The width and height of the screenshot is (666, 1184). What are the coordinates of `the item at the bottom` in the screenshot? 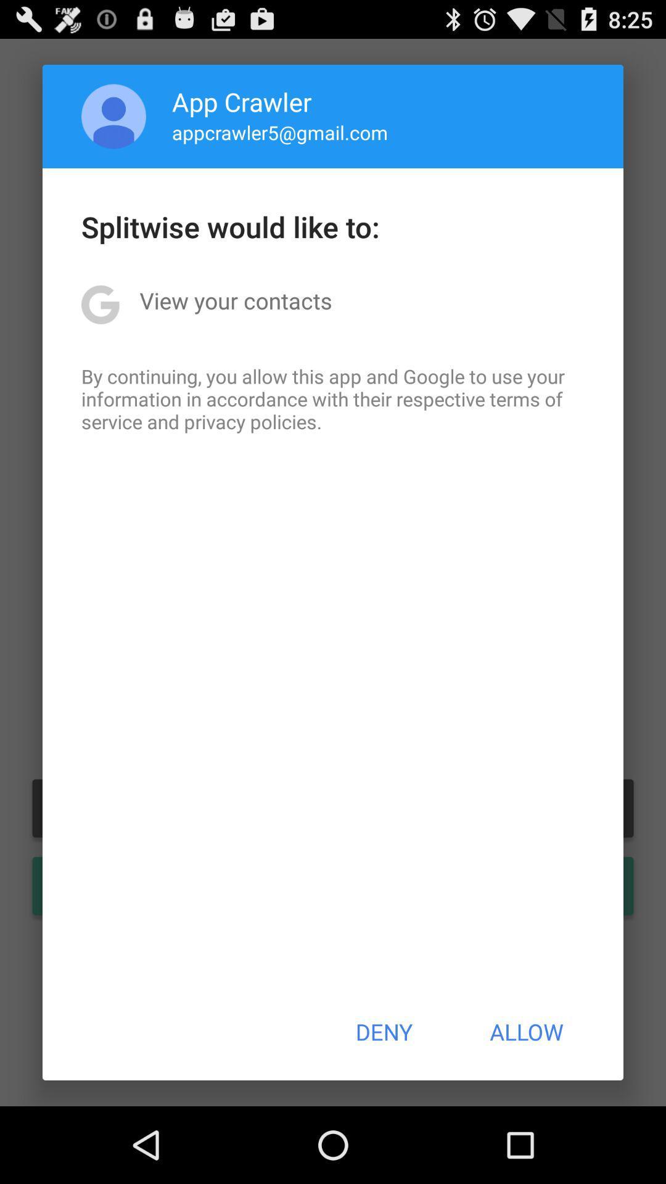 It's located at (383, 1032).